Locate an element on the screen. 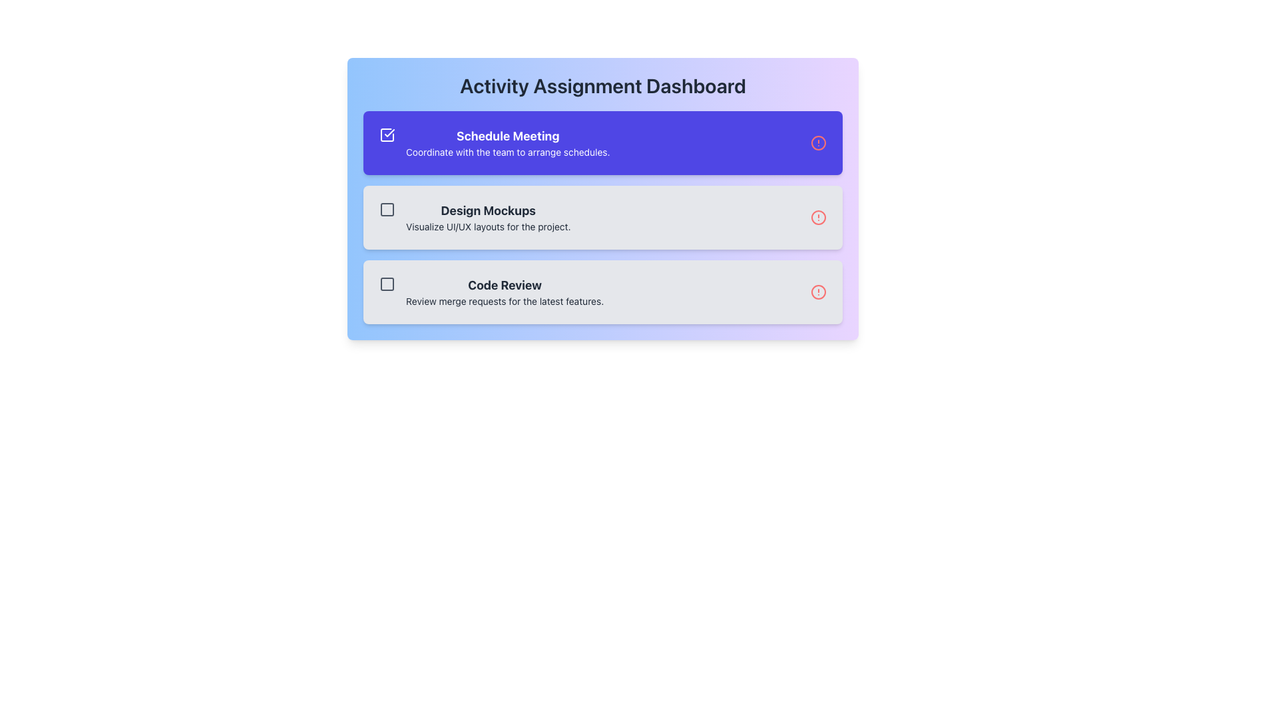 The width and height of the screenshot is (1278, 719). the SVG graphical element representing the checkbox for the second task item labeled 'Design Mockups' is located at coordinates (386, 210).